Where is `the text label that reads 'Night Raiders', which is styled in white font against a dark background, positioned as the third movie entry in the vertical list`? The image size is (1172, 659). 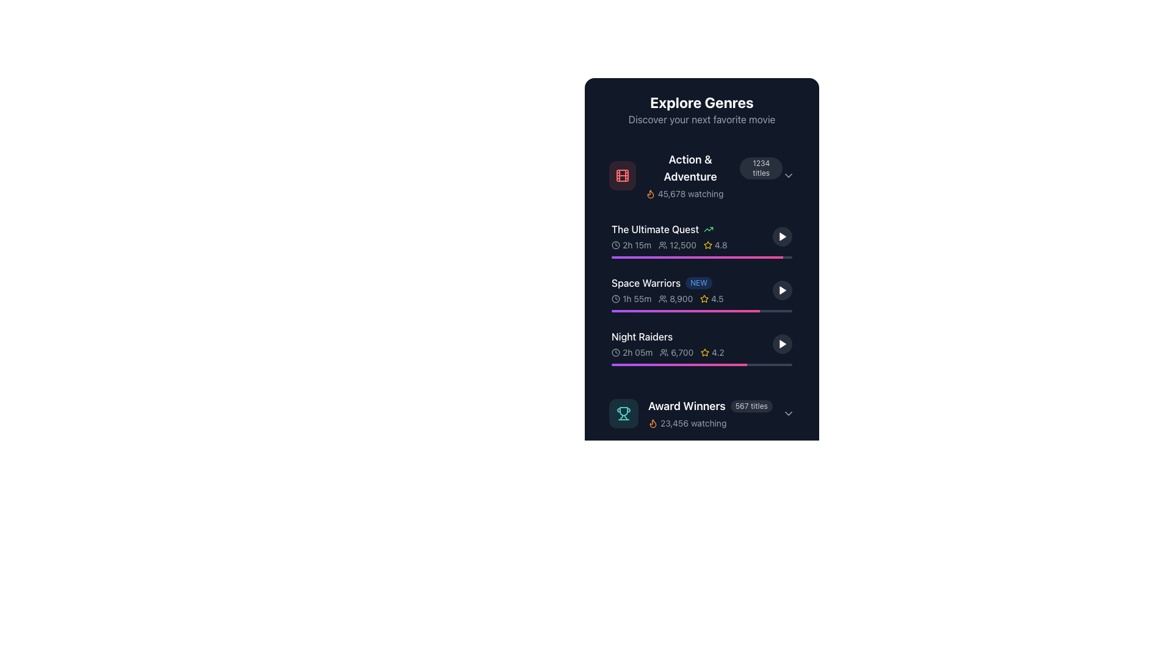 the text label that reads 'Night Raiders', which is styled in white font against a dark background, positioned as the third movie entry in the vertical list is located at coordinates (642, 336).